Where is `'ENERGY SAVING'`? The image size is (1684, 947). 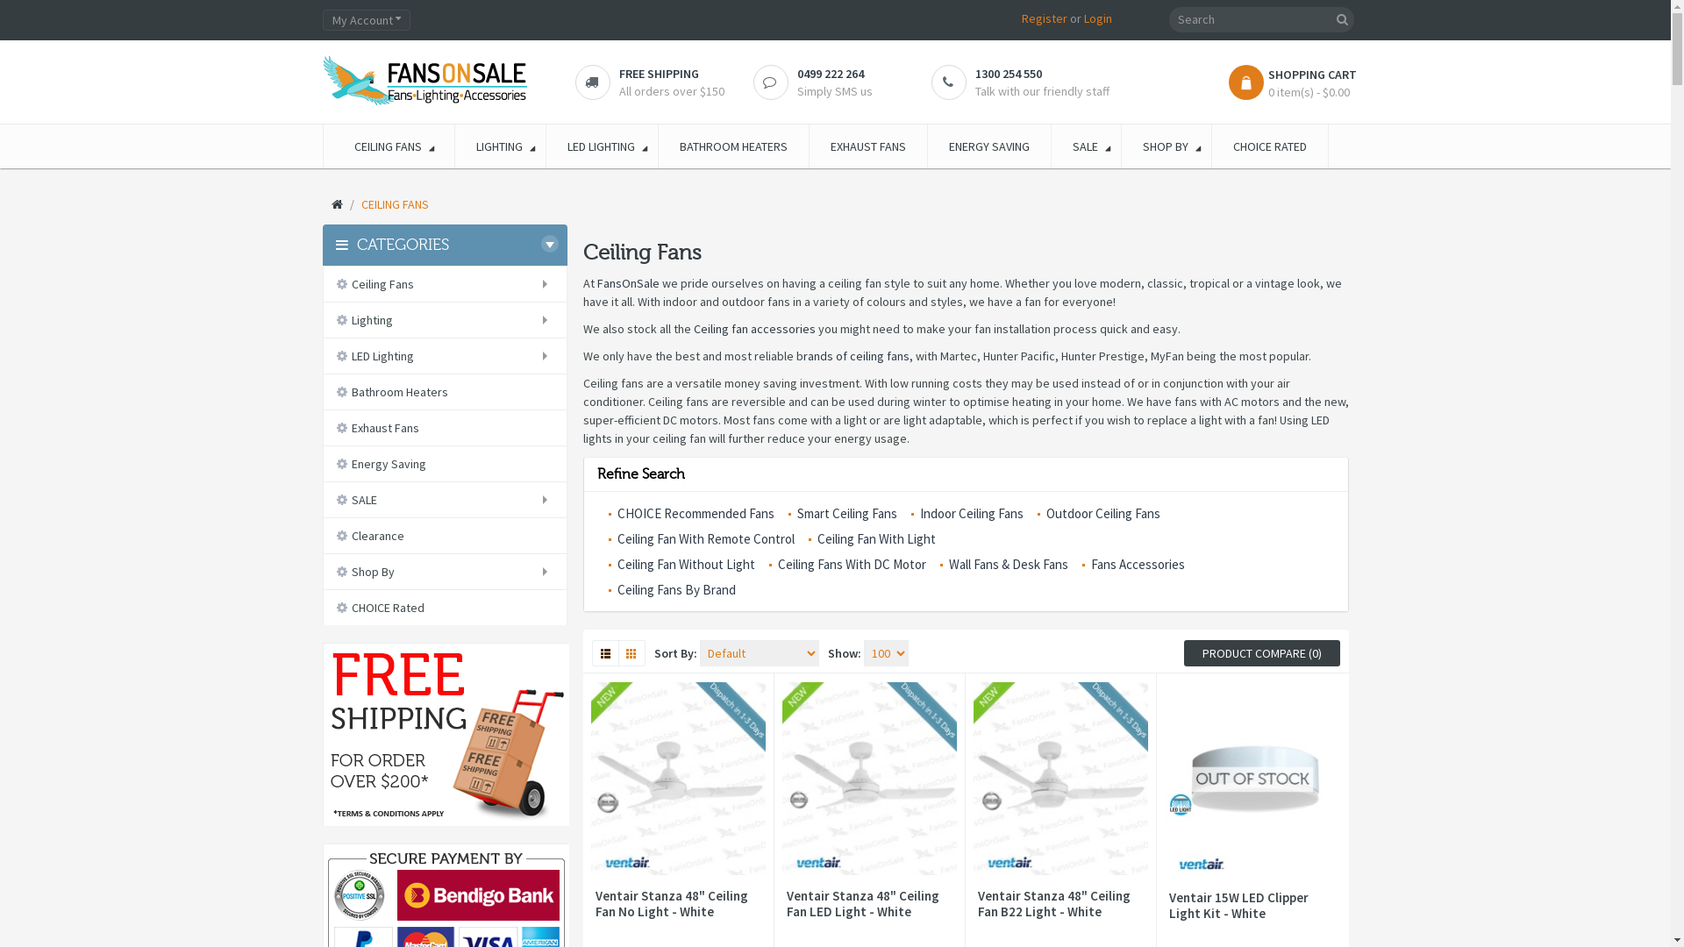
'ENERGY SAVING' is located at coordinates (926, 145).